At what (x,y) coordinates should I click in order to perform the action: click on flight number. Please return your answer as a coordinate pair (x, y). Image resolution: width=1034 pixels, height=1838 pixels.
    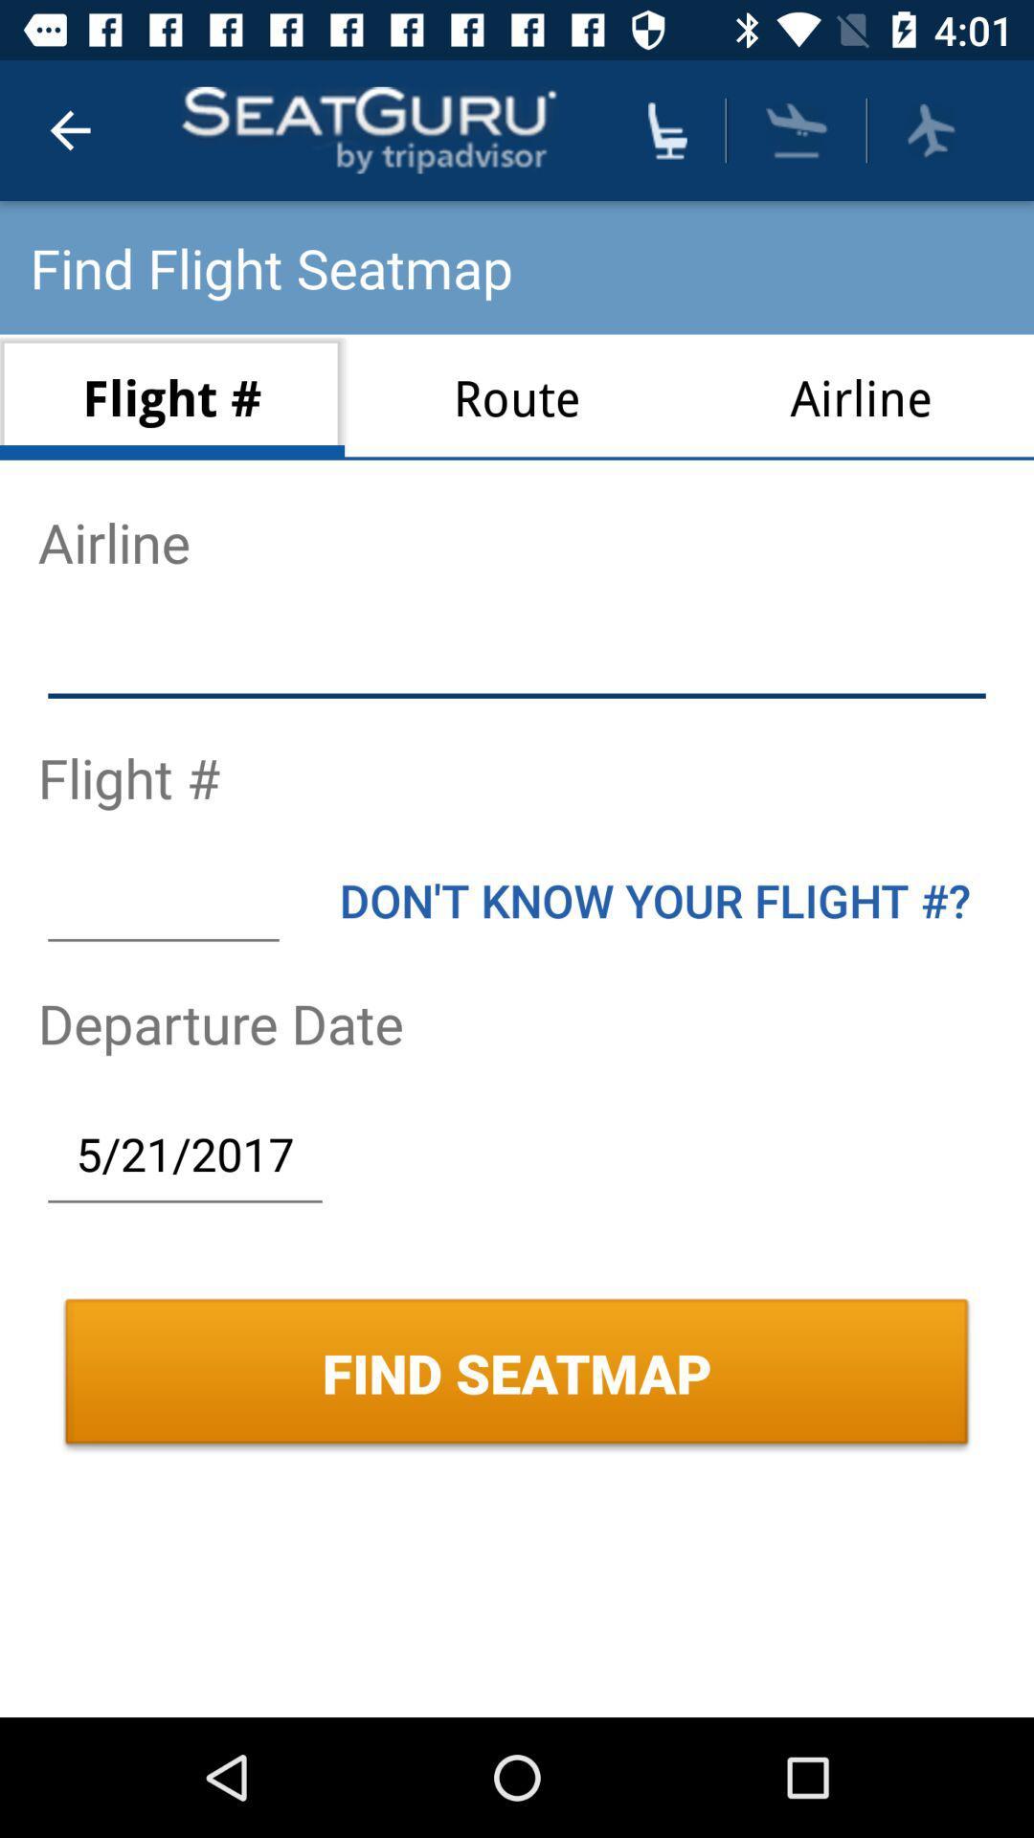
    Looking at the image, I should click on (162, 899).